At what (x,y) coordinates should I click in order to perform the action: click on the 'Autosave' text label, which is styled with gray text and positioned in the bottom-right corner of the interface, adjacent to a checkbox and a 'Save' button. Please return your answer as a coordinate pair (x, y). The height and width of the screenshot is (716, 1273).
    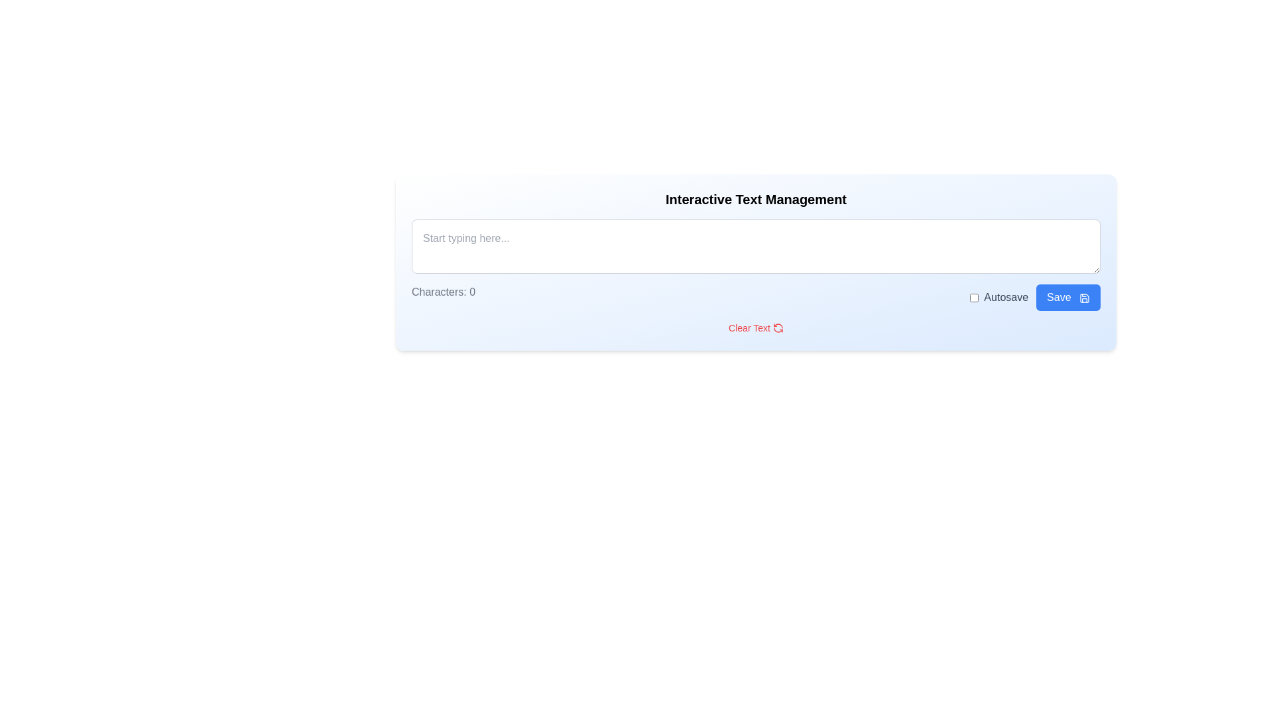
    Looking at the image, I should click on (999, 296).